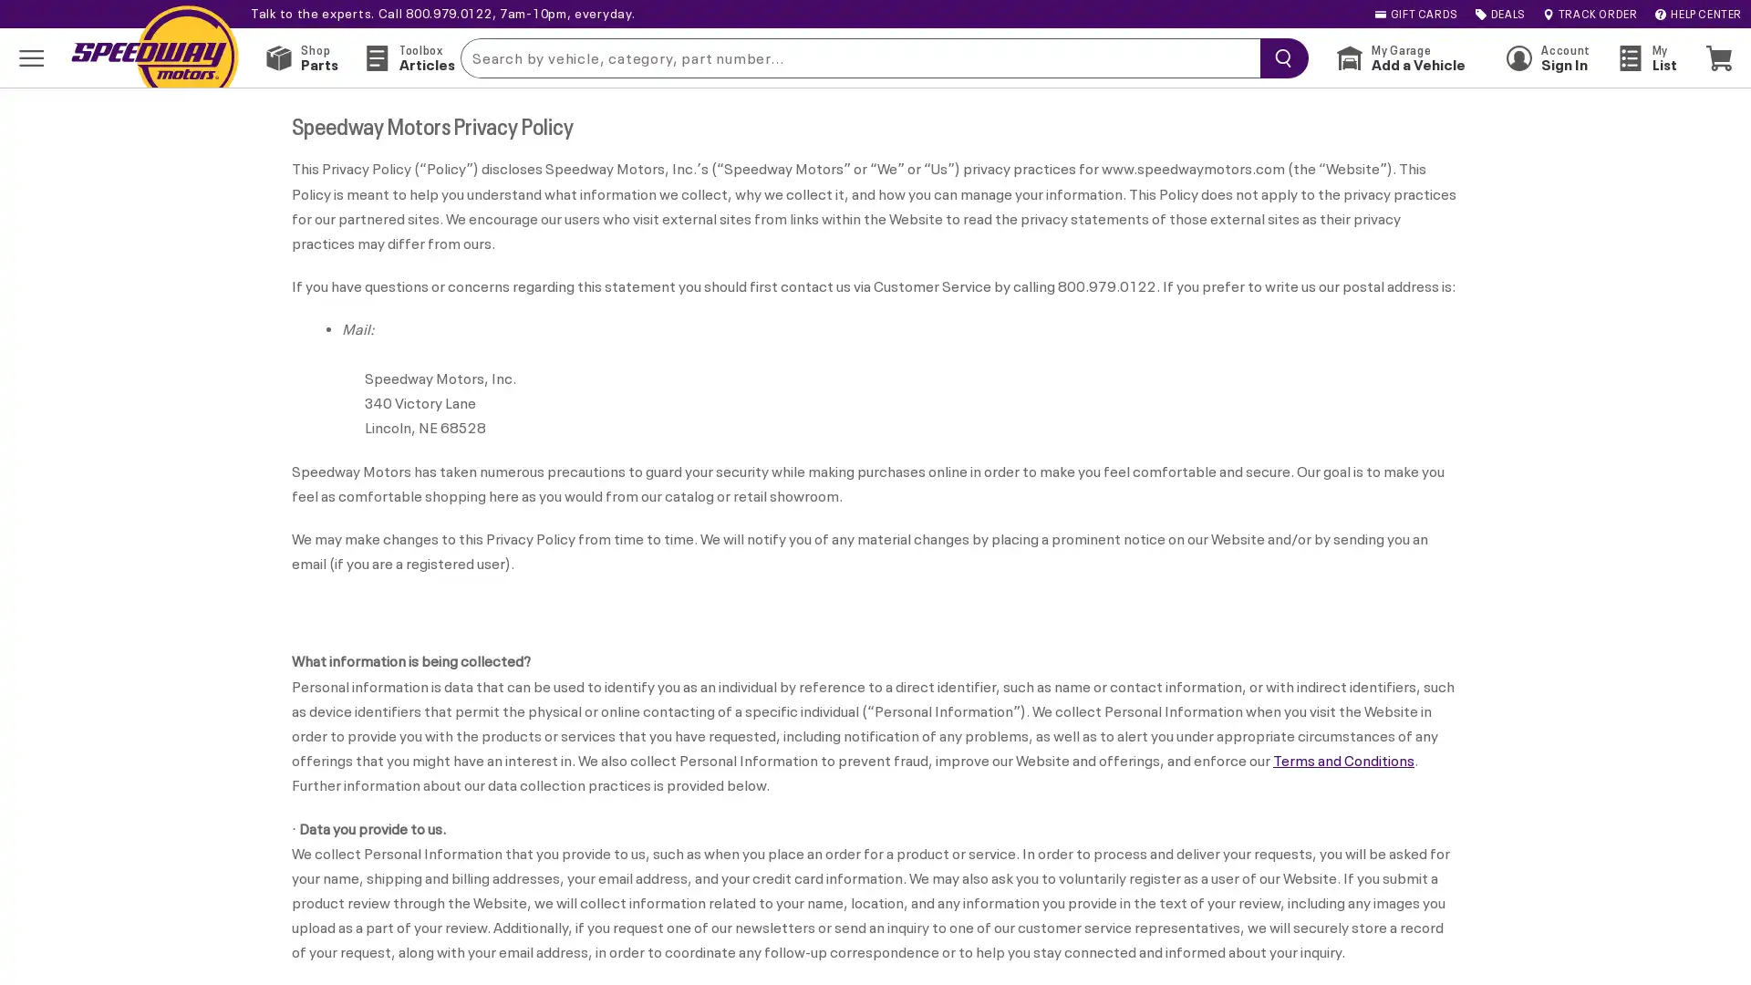  Describe the element at coordinates (1547, 57) in the screenshot. I see `Account Sign In` at that location.